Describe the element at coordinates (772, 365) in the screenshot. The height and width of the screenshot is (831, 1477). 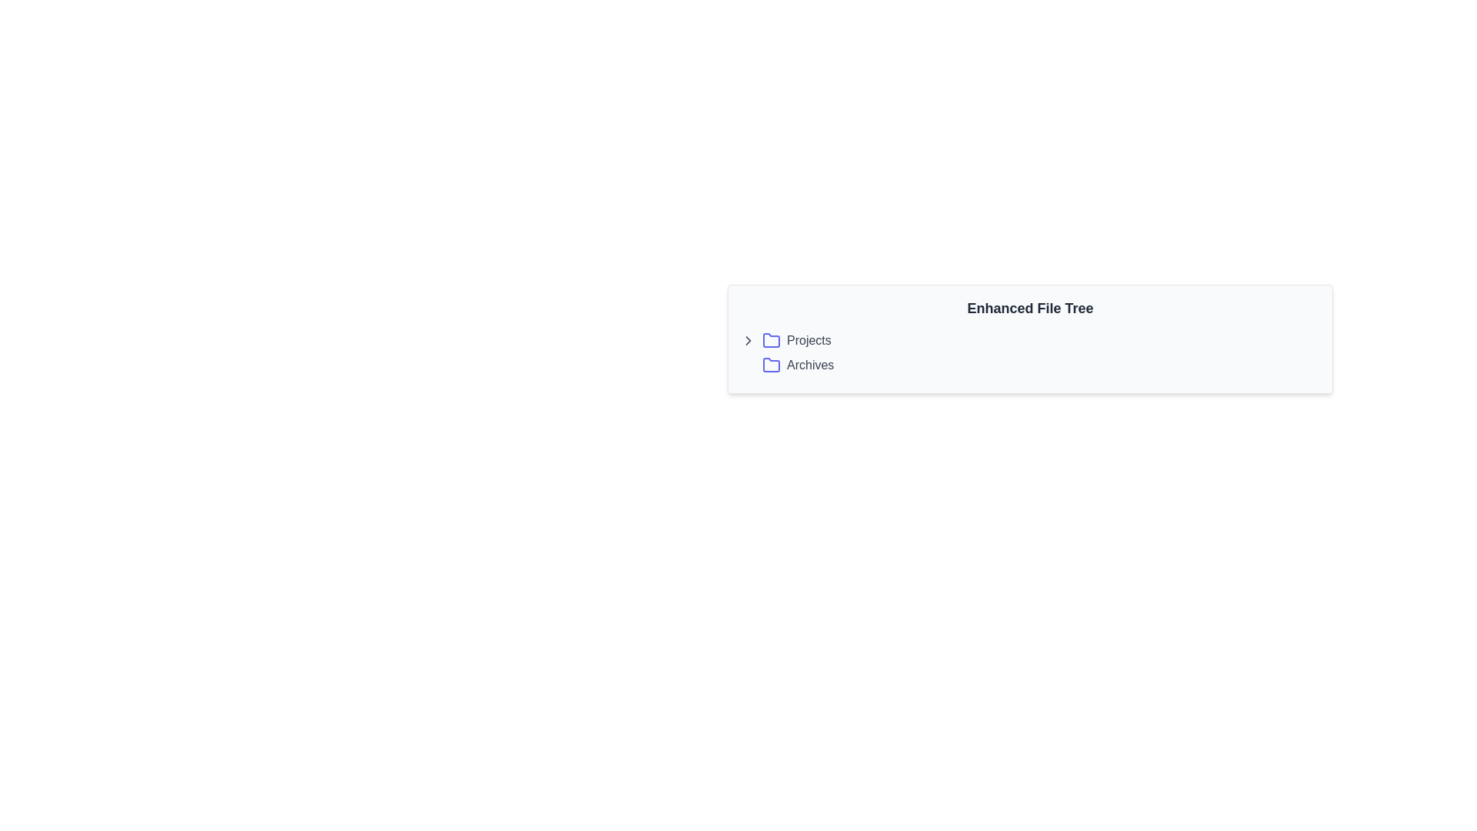
I see `the folder icon representing 'Archives' located to the left of the 'Archives' text label in the file directory` at that location.